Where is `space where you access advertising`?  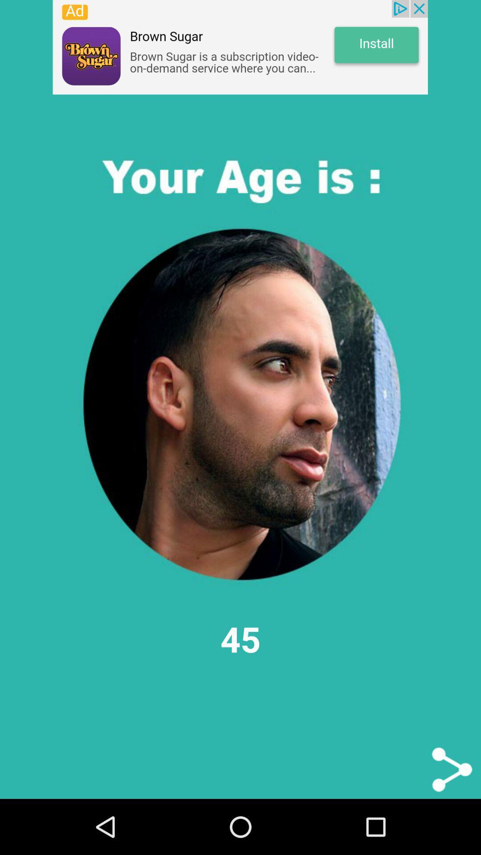
space where you access advertising is located at coordinates (240, 47).